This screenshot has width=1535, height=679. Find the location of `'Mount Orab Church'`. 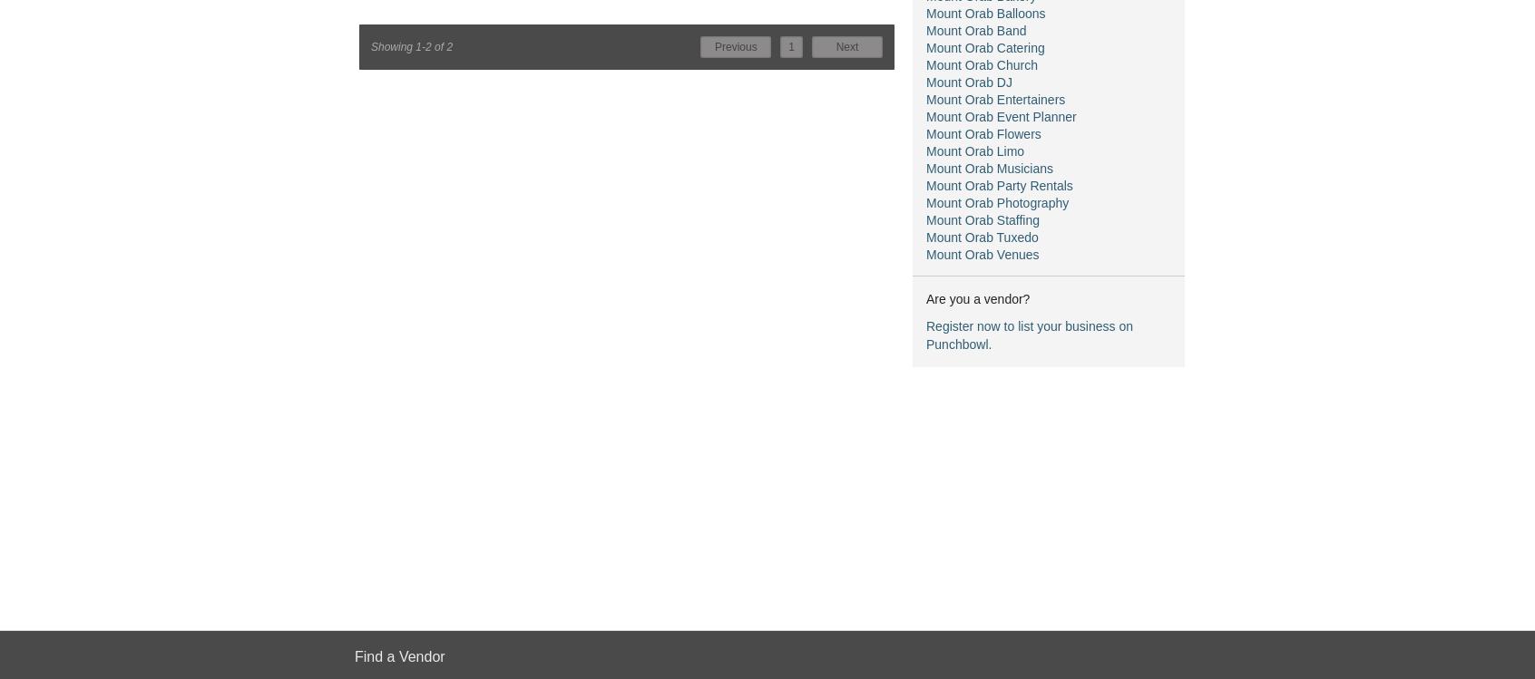

'Mount Orab Church' is located at coordinates (924, 63).